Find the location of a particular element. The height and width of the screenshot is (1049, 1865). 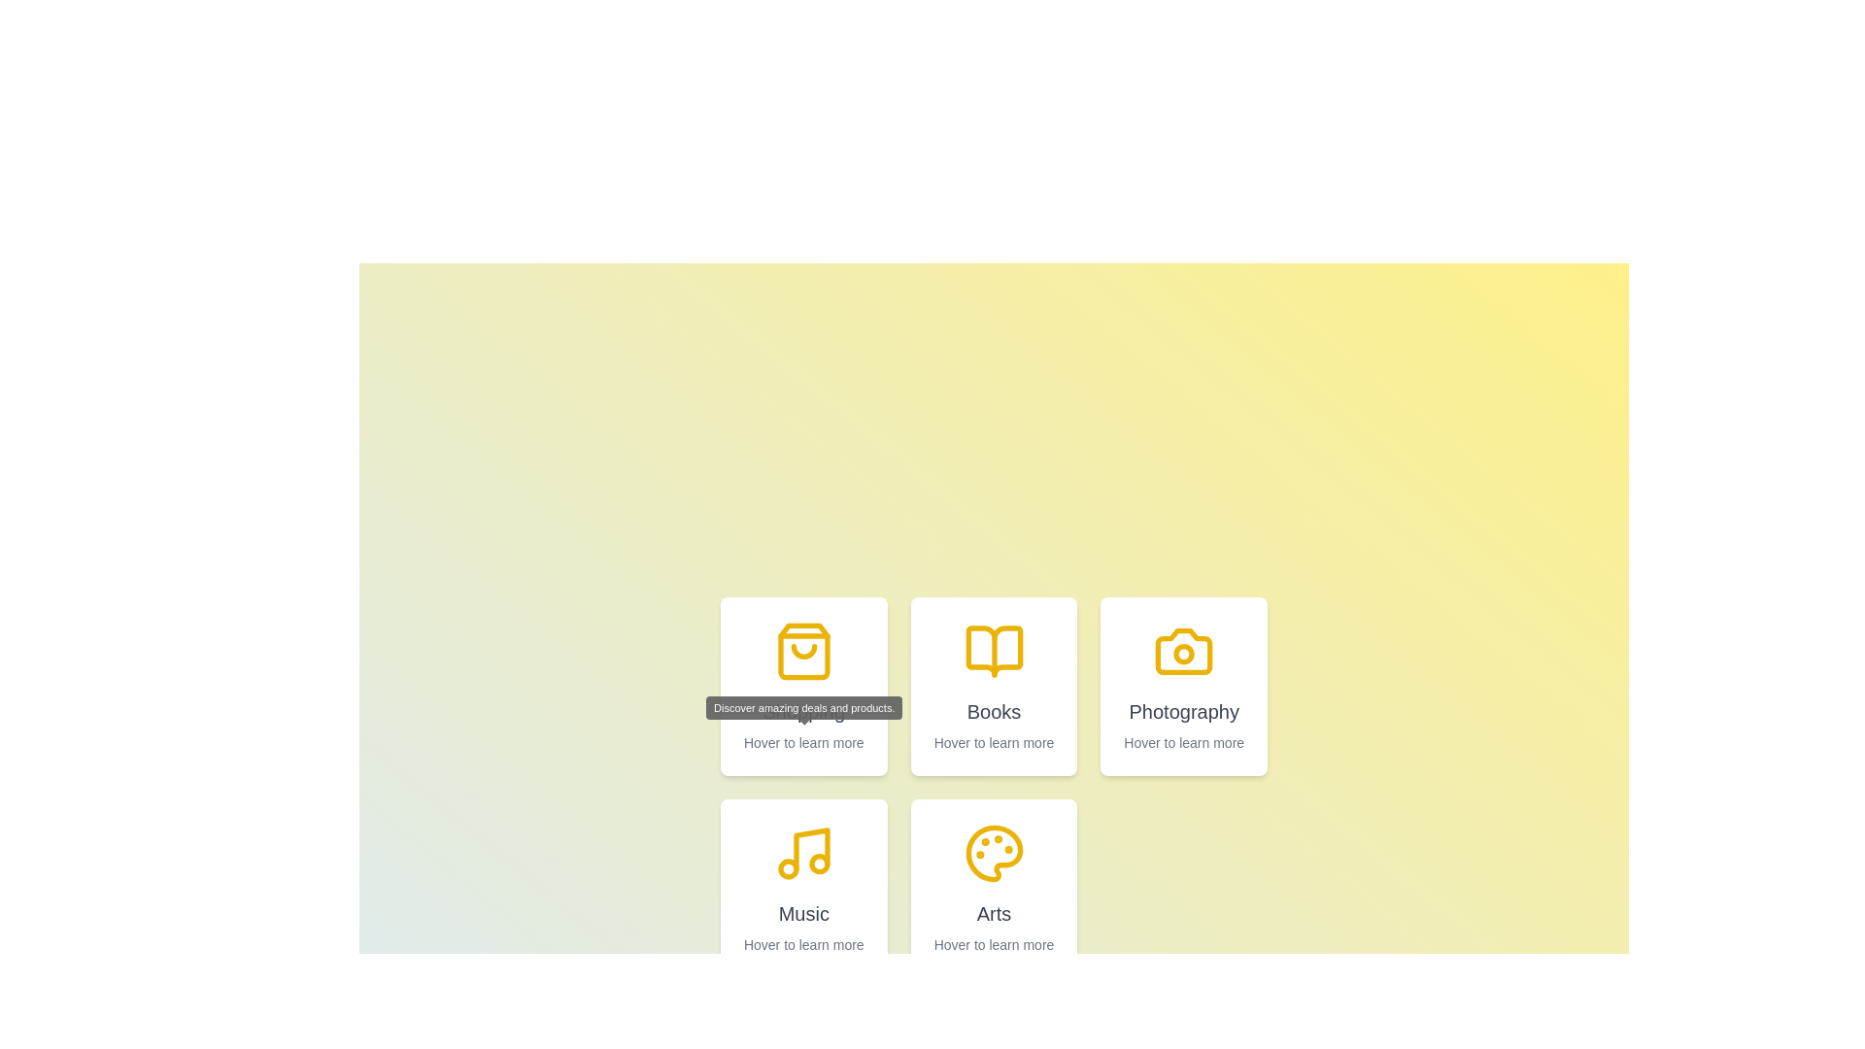

the 'Books' category selector card, which is the second card in the first row of a grid of five cards is located at coordinates (994, 685).